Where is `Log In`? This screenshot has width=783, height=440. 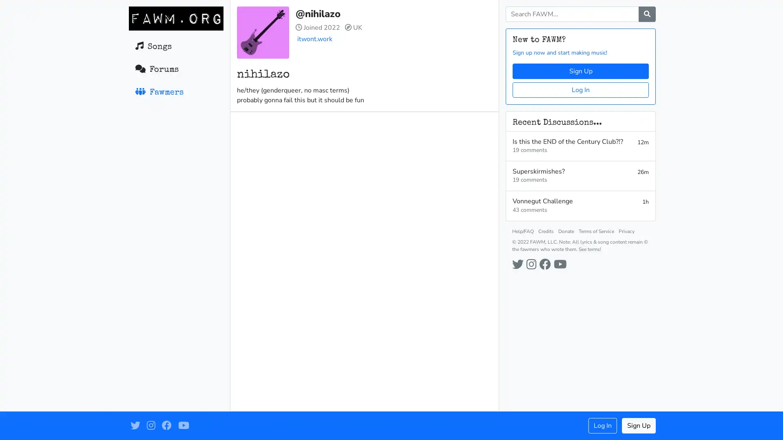 Log In is located at coordinates (580, 90).